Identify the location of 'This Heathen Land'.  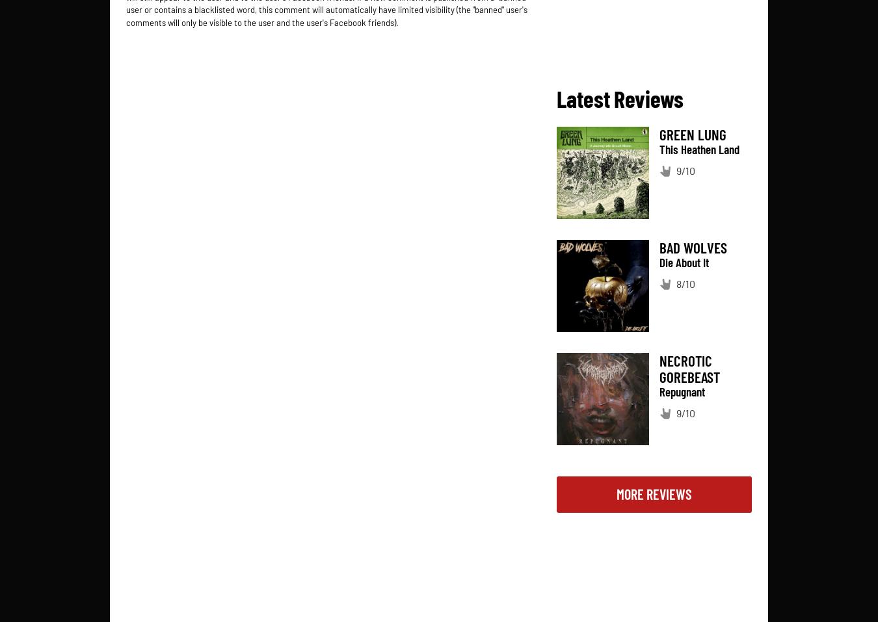
(699, 148).